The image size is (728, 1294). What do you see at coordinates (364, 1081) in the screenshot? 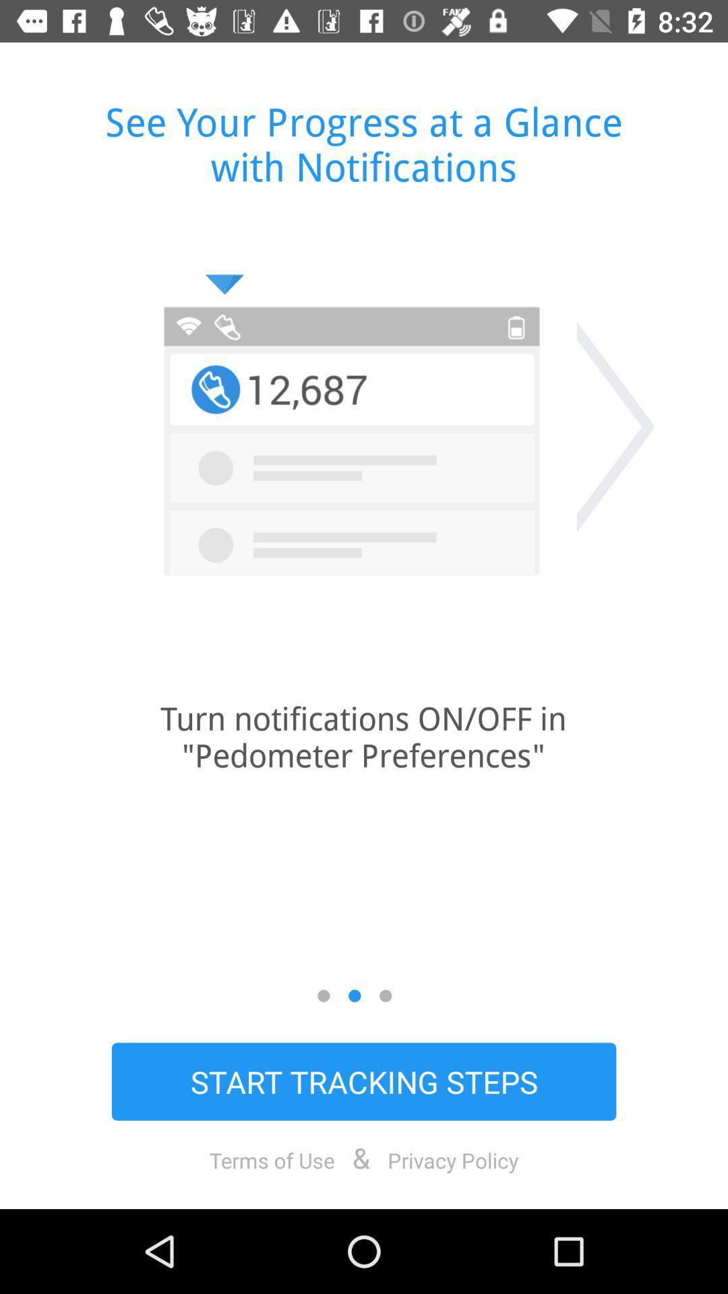
I see `the item above the & icon` at bounding box center [364, 1081].